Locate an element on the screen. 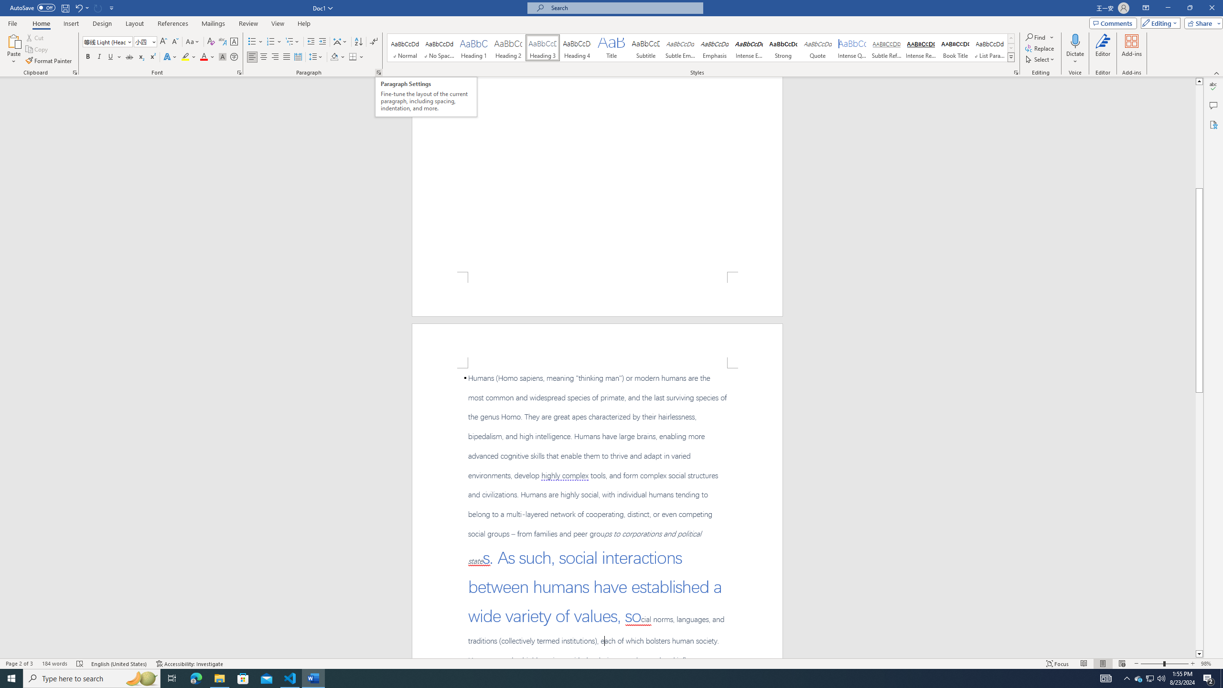  'Page Number Page 2 of 3' is located at coordinates (19, 664).